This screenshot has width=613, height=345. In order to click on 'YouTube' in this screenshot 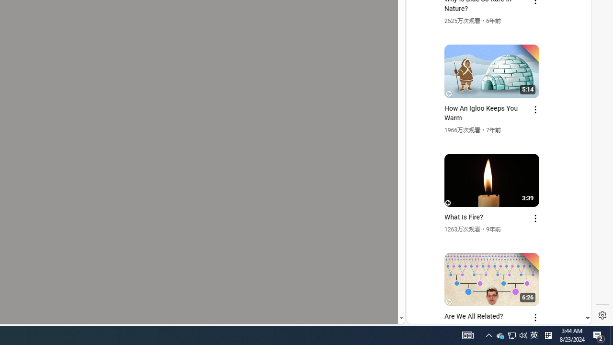, I will do `click(495, 207)`.